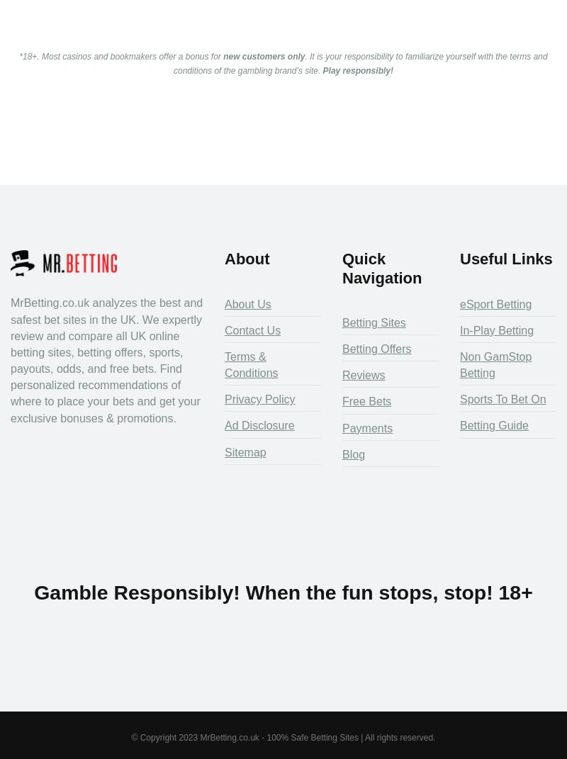  What do you see at coordinates (247, 303) in the screenshot?
I see `'About Us'` at bounding box center [247, 303].